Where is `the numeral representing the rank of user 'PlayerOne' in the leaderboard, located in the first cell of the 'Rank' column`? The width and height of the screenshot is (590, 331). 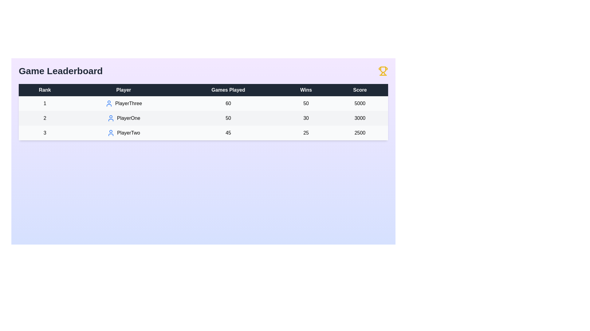 the numeral representing the rank of user 'PlayerOne' in the leaderboard, located in the first cell of the 'Rank' column is located at coordinates (45, 118).